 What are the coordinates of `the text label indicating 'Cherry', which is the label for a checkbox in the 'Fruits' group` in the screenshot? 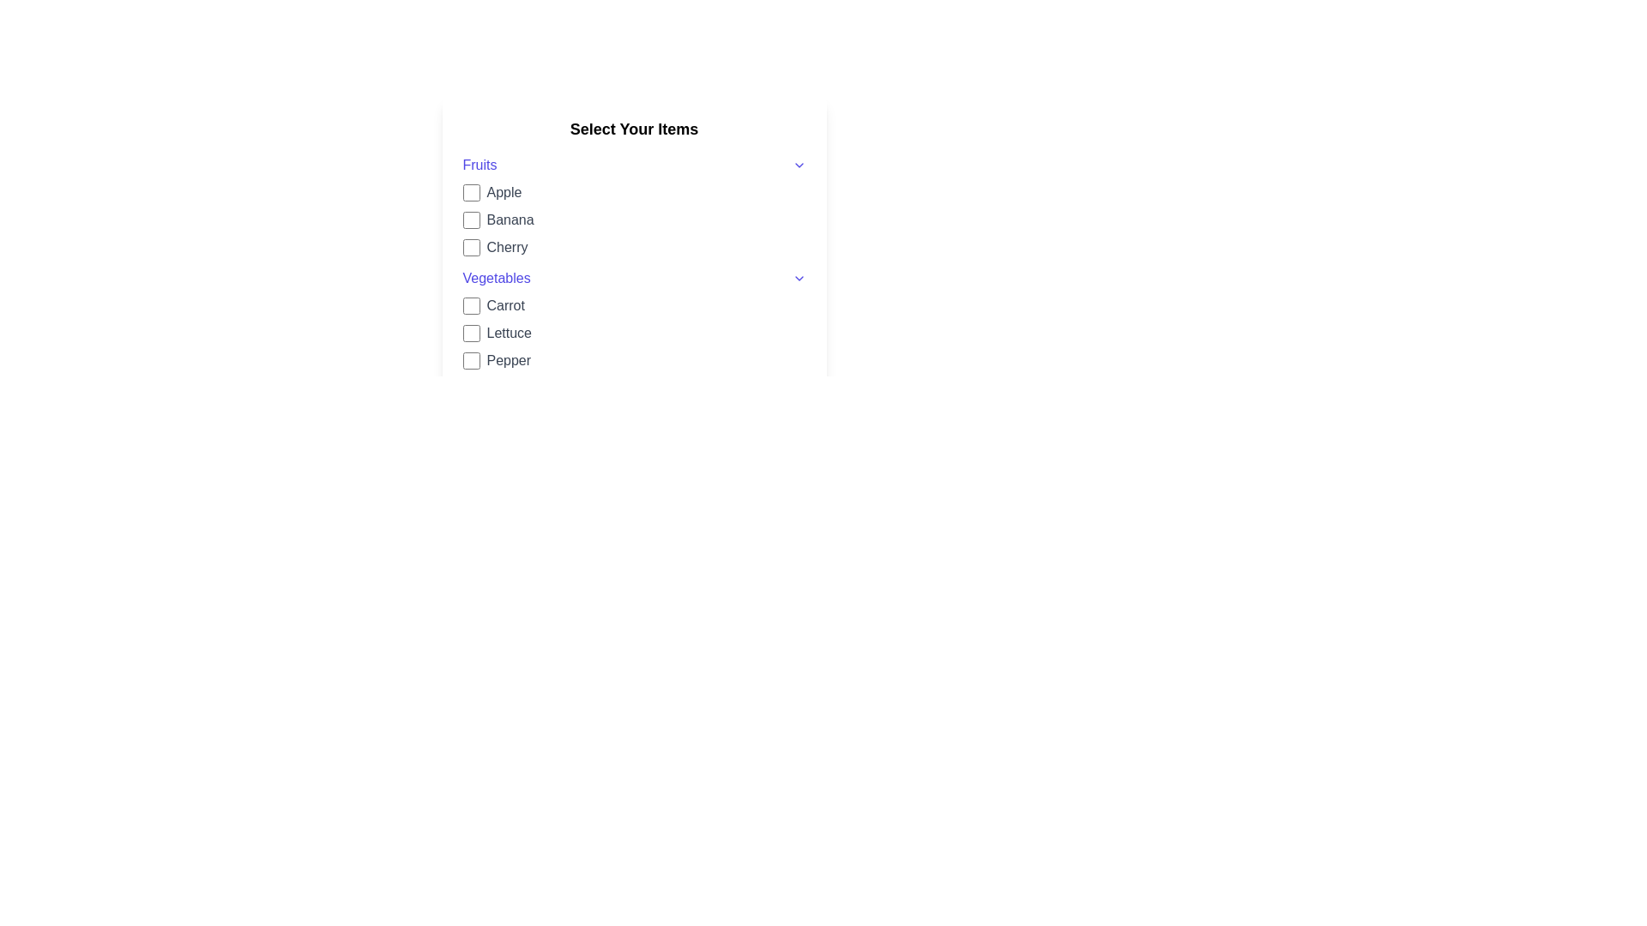 It's located at (506, 248).